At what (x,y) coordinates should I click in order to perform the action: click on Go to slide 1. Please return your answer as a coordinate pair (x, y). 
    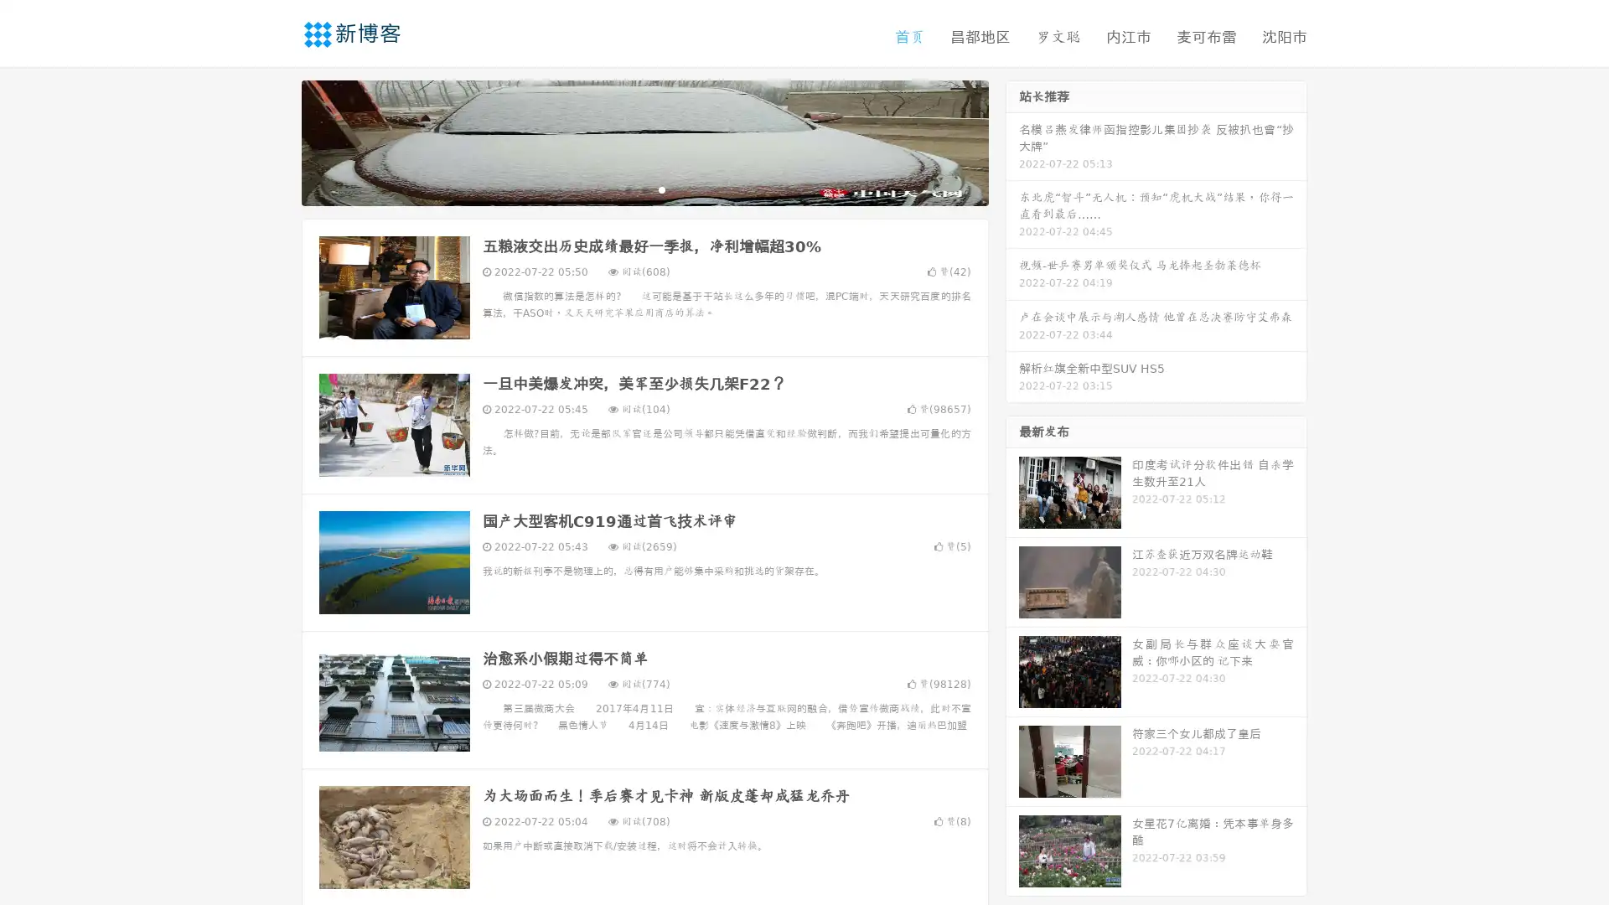
    Looking at the image, I should click on (627, 189).